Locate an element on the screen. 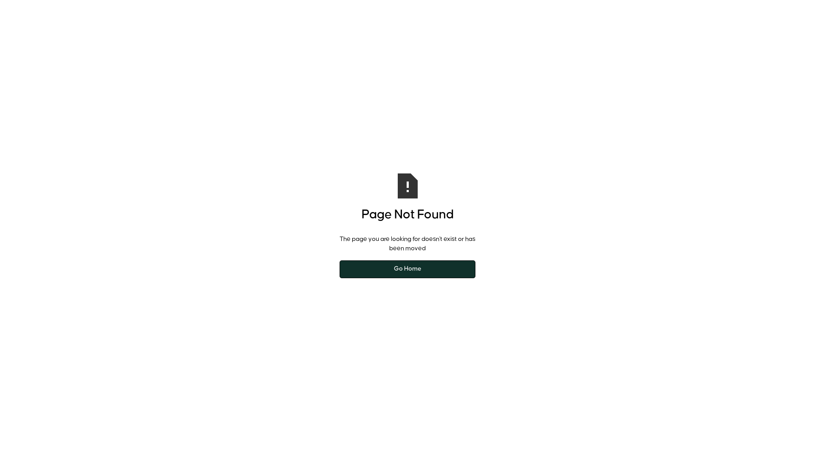 This screenshot has width=815, height=458. 'Go Home' is located at coordinates (407, 269).